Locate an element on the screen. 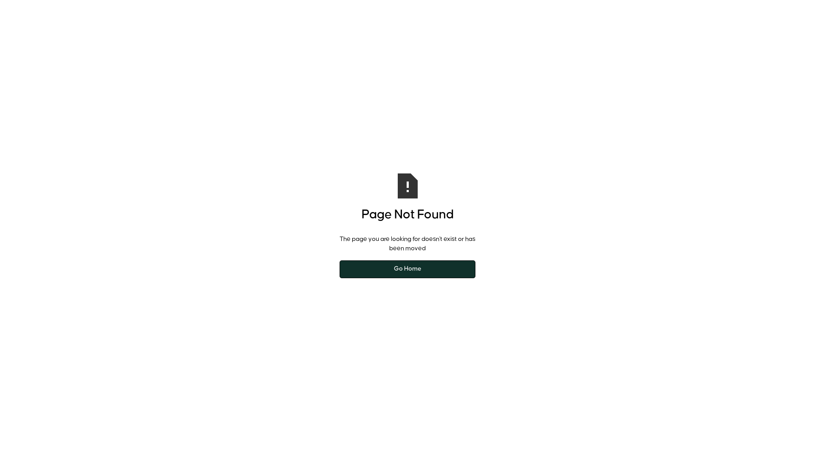 This screenshot has width=815, height=458. 'Go Home' is located at coordinates (407, 269).